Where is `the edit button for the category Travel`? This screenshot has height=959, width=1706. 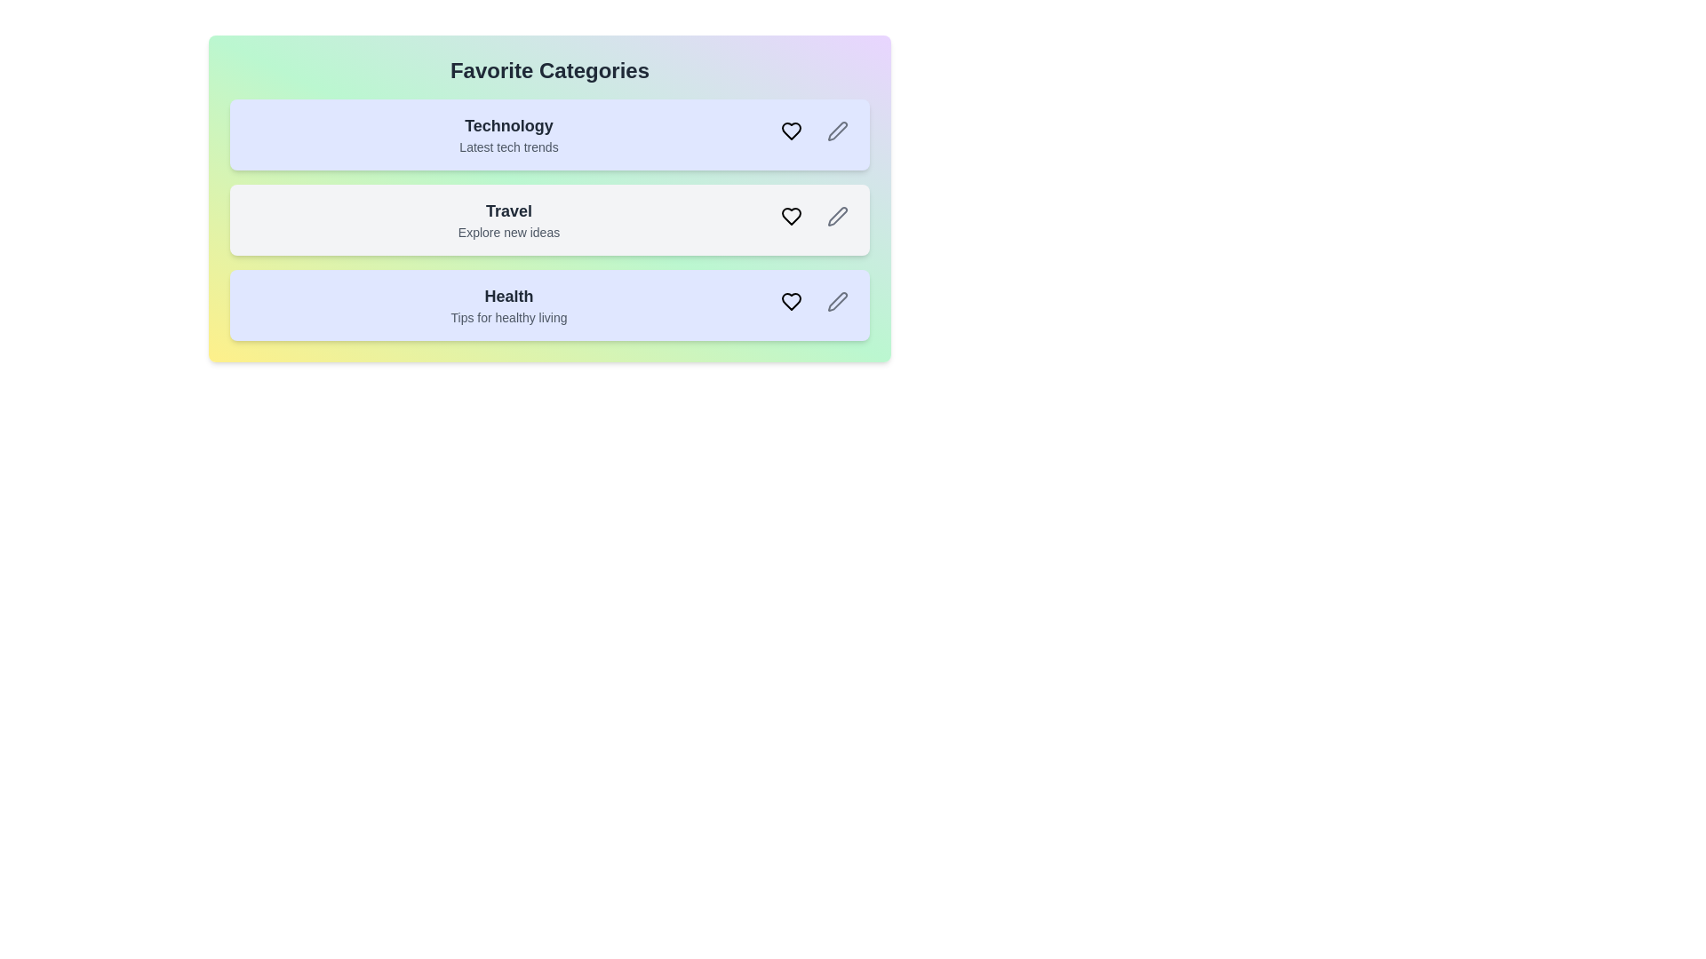 the edit button for the category Travel is located at coordinates (836, 215).